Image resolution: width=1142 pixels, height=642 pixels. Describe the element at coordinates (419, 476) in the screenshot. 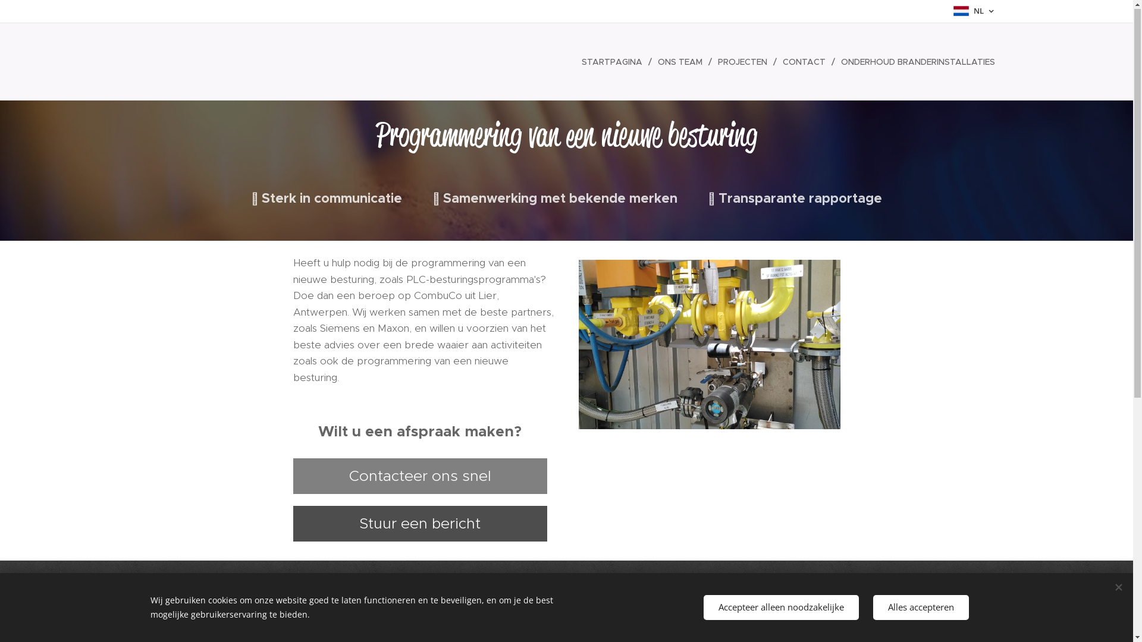

I see `'Contacteer ons snel'` at that location.